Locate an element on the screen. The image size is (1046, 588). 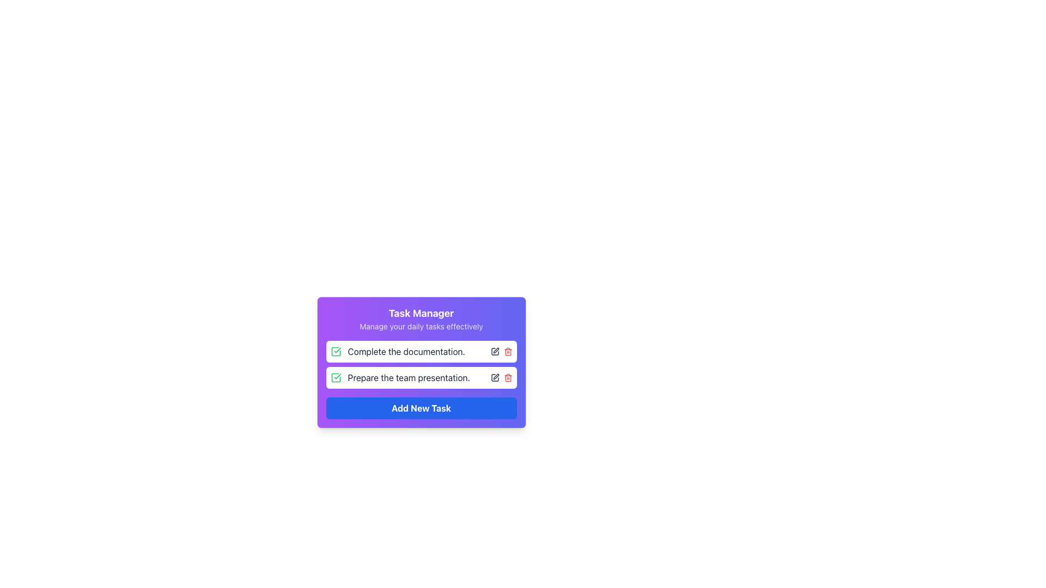
the edit icon located to the right of the task text 'Complete the documentation.' in the Task Manager interface is located at coordinates (494, 351).